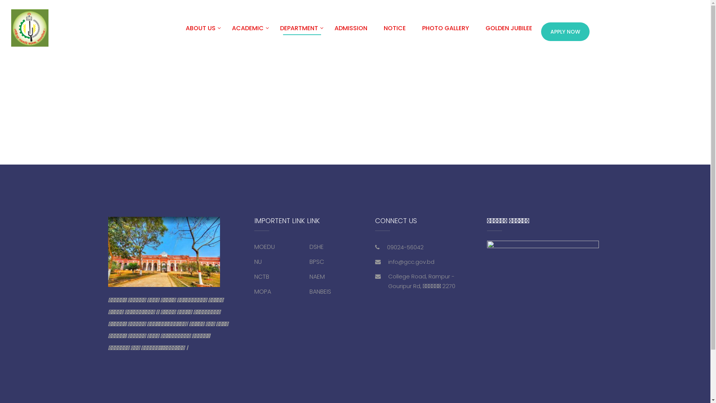  I want to click on 'NU', so click(258, 261).